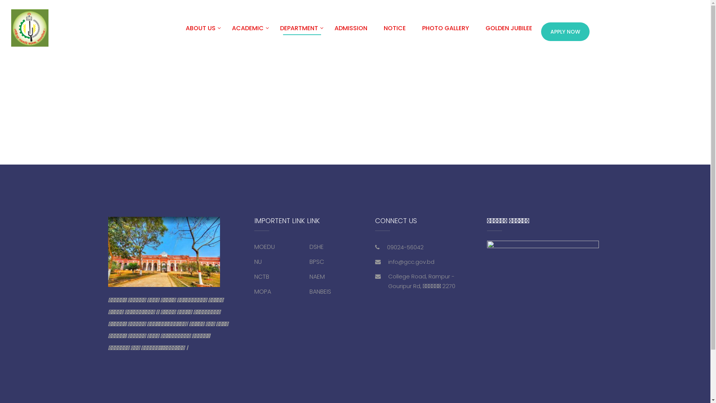  I want to click on 'NU', so click(258, 261).